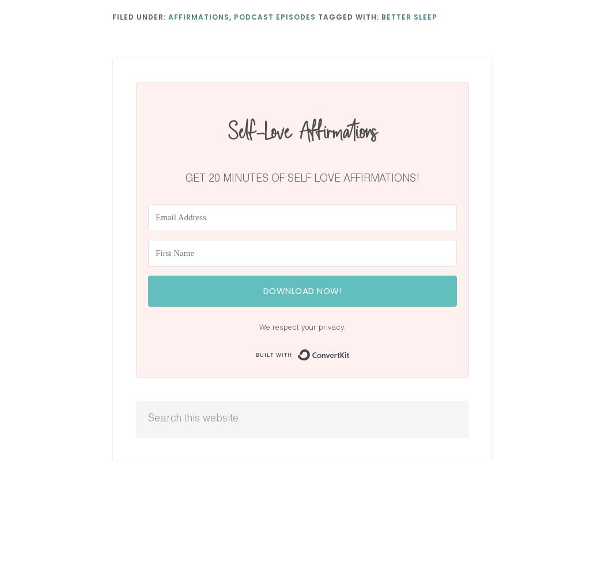 This screenshot has height=580, width=605. What do you see at coordinates (302, 178) in the screenshot?
I see `'GET 20 MINUTES OF SELF LOVE AFFIRMATIONS!'` at bounding box center [302, 178].